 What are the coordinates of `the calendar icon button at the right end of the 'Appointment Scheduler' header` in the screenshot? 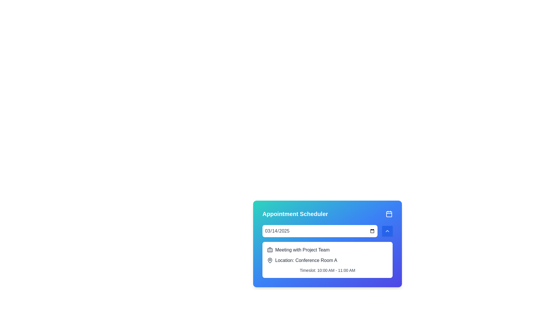 It's located at (389, 214).